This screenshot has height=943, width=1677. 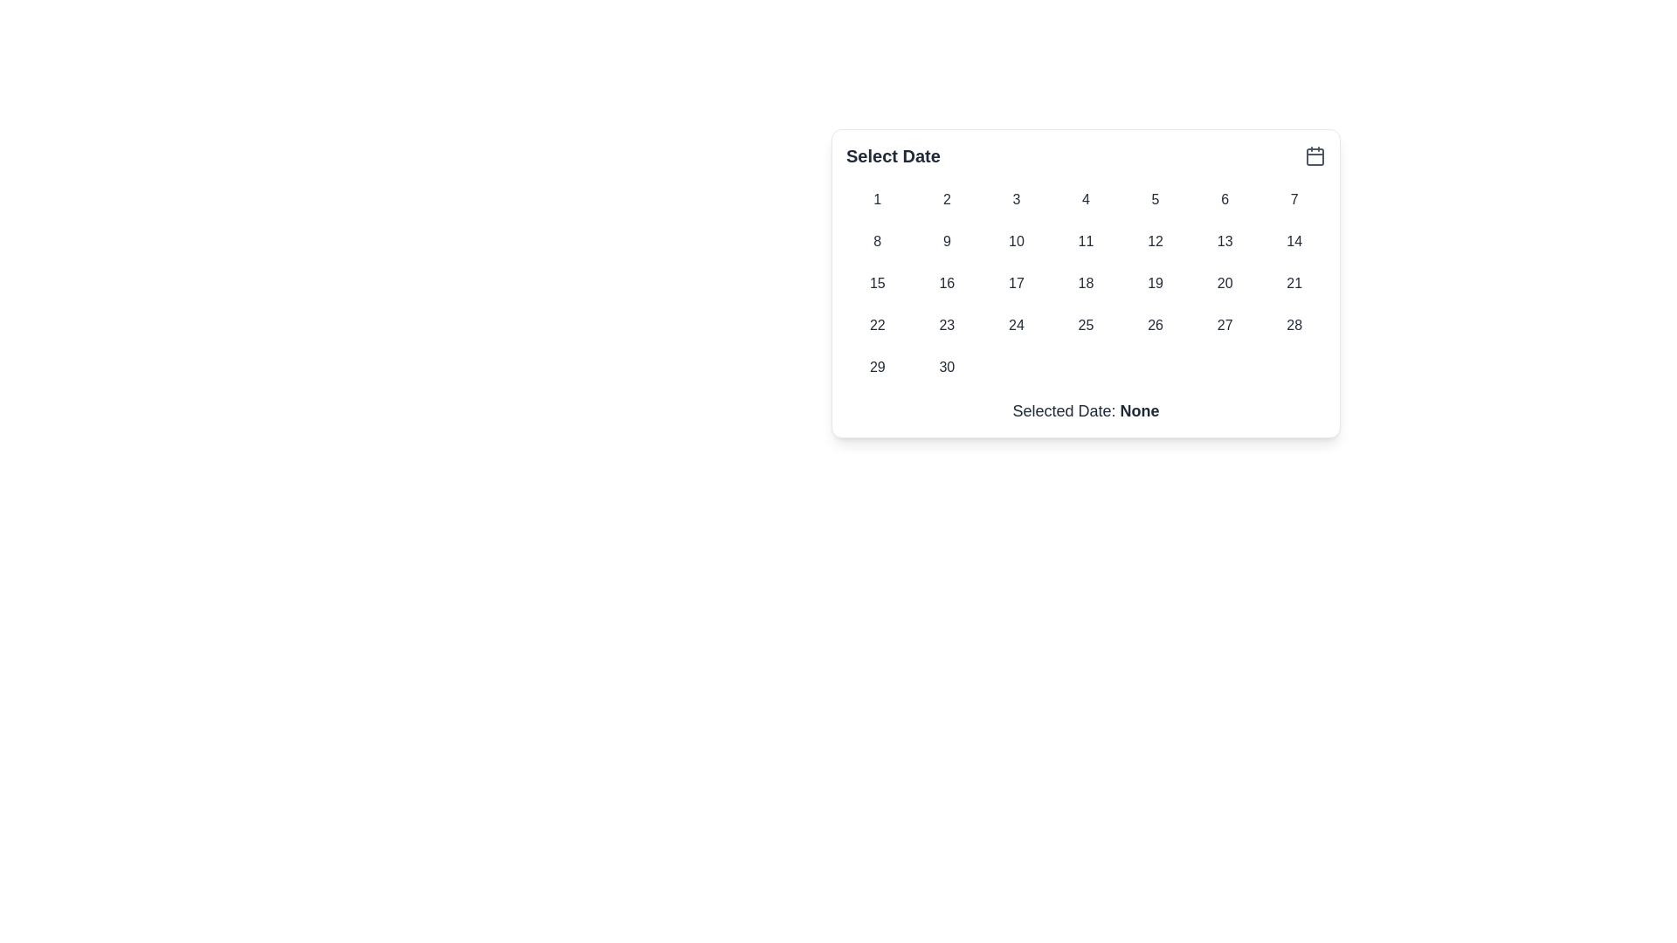 I want to click on the square-shaped button containing the number '5', so click(x=1156, y=198).